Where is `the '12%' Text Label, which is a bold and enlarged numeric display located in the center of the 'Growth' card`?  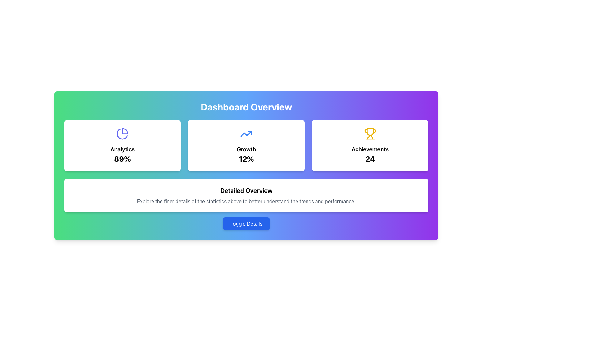
the '12%' Text Label, which is a bold and enlarged numeric display located in the center of the 'Growth' card is located at coordinates (246, 159).